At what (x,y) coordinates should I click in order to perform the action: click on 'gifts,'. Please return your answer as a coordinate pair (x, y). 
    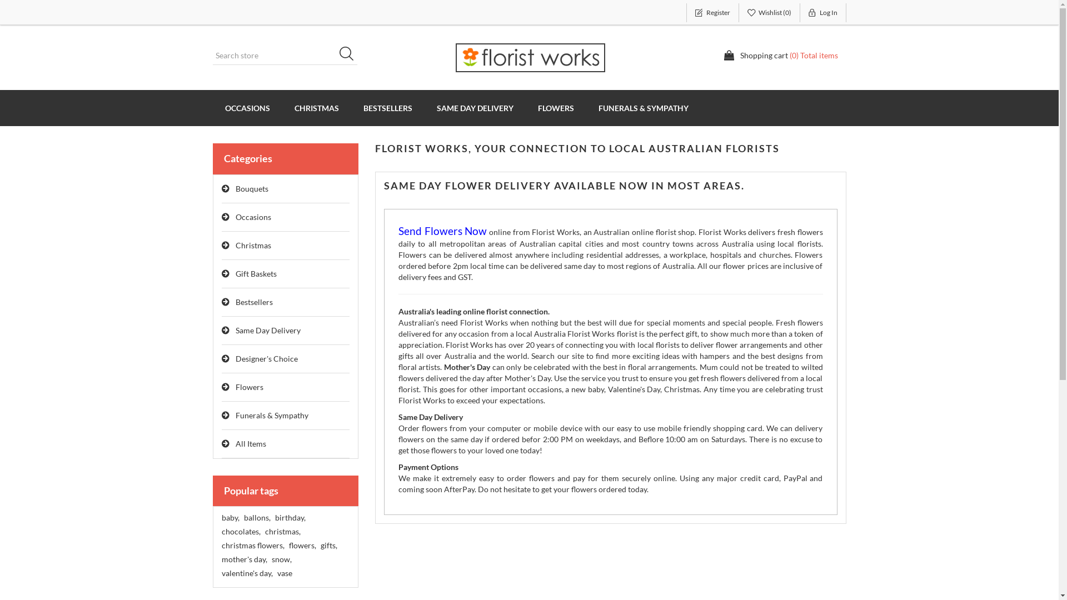
    Looking at the image, I should click on (320, 545).